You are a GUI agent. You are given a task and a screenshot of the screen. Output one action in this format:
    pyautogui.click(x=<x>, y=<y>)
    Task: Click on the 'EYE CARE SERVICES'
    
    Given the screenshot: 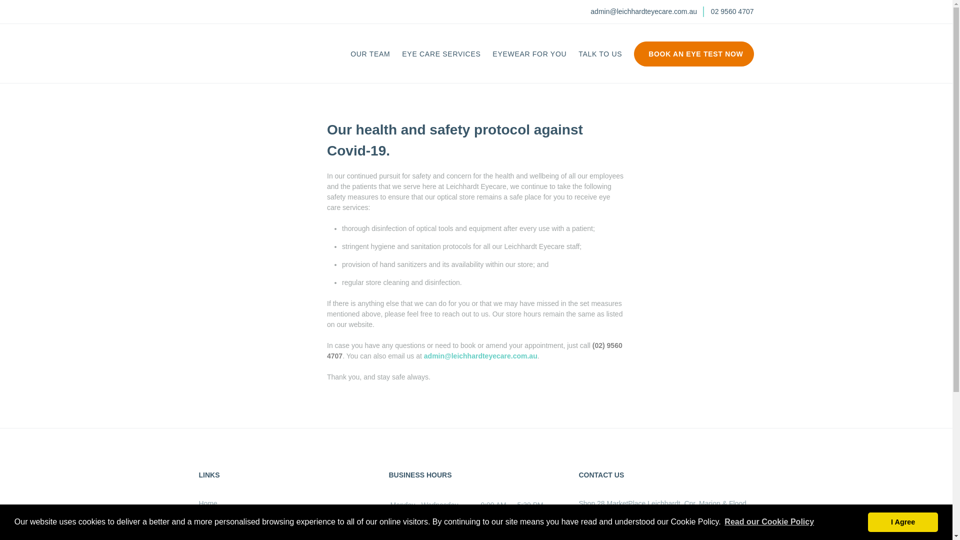 What is the action you would take?
    pyautogui.click(x=440, y=54)
    